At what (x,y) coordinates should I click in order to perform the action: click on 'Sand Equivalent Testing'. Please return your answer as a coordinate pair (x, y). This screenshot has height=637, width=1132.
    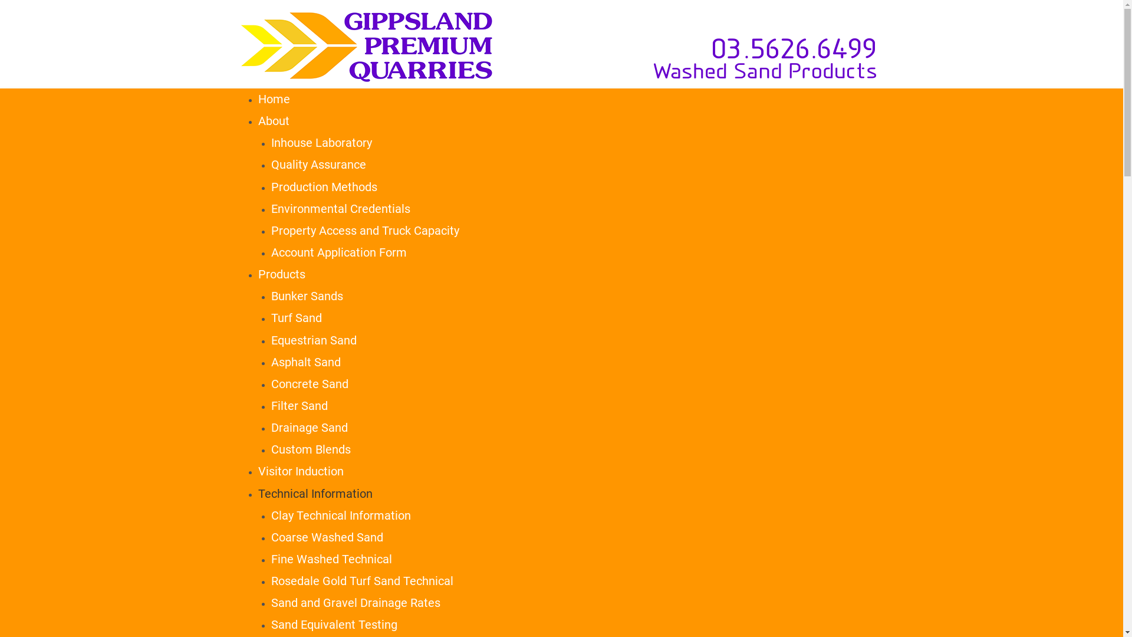
    Looking at the image, I should click on (271, 624).